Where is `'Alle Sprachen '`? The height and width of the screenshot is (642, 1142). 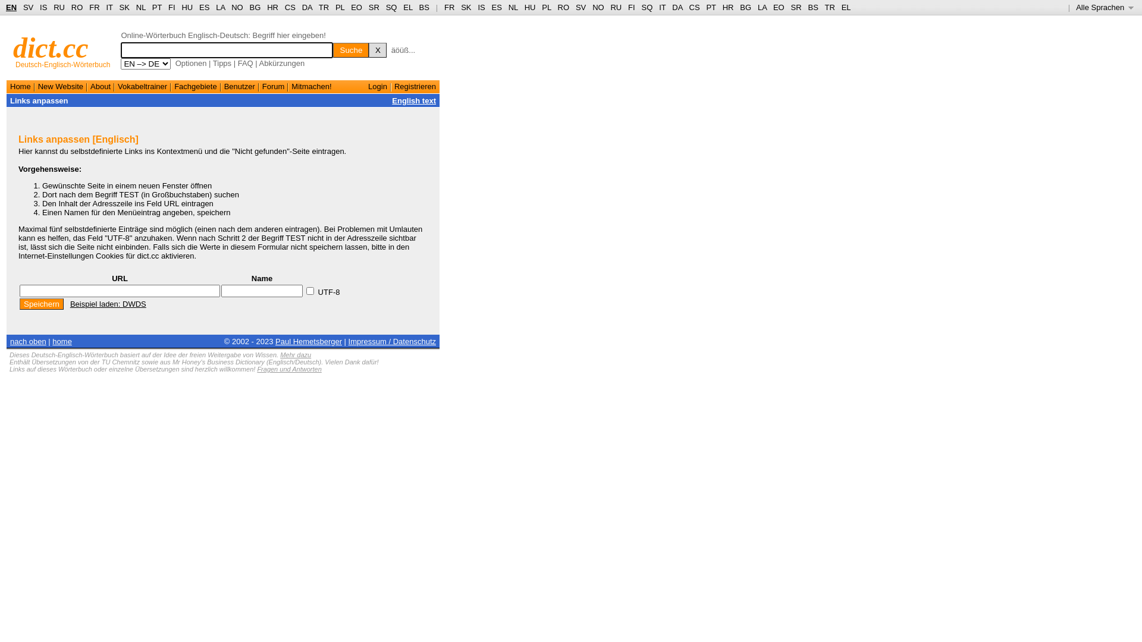 'Alle Sprachen ' is located at coordinates (1104, 7).